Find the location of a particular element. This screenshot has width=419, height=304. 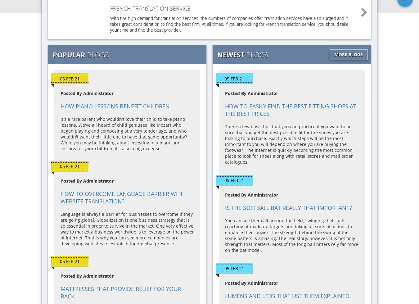

'Is the Softball Bat Really That Important?' is located at coordinates (224, 207).